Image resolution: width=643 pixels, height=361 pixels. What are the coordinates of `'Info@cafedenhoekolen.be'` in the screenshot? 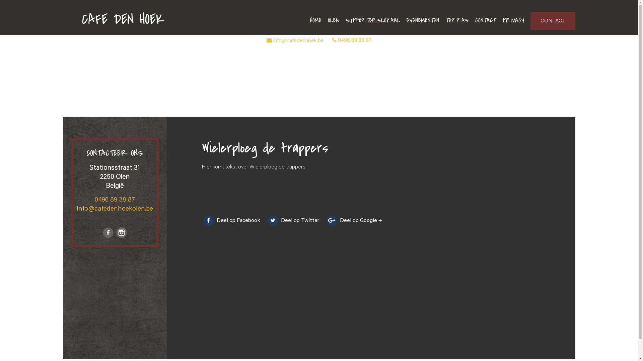 It's located at (114, 208).